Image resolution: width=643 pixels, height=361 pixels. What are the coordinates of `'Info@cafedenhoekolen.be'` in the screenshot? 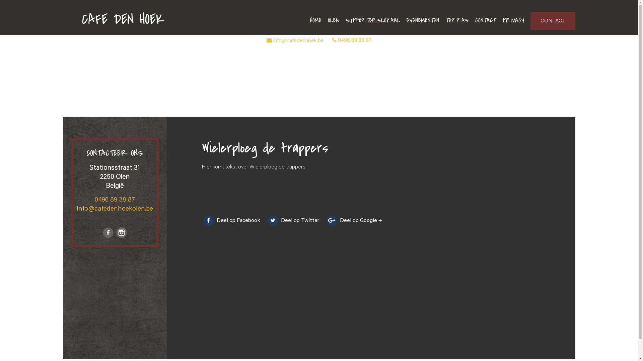 It's located at (114, 208).